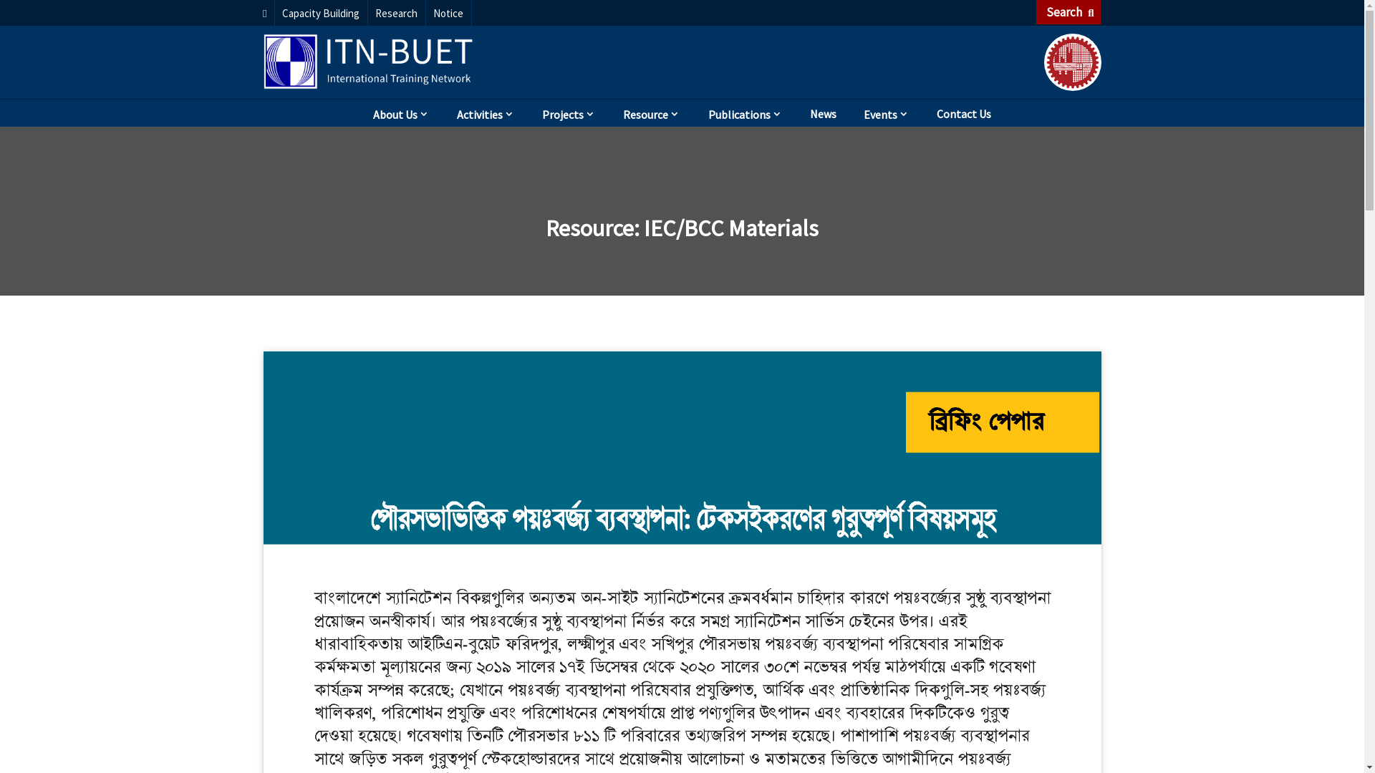 The height and width of the screenshot is (773, 1375). I want to click on 'Activities', so click(486, 112).